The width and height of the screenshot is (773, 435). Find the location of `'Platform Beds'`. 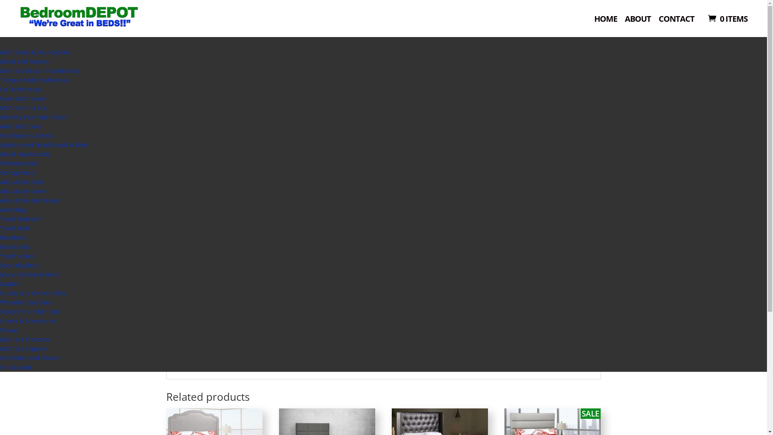

'Platform Beds' is located at coordinates (259, 76).